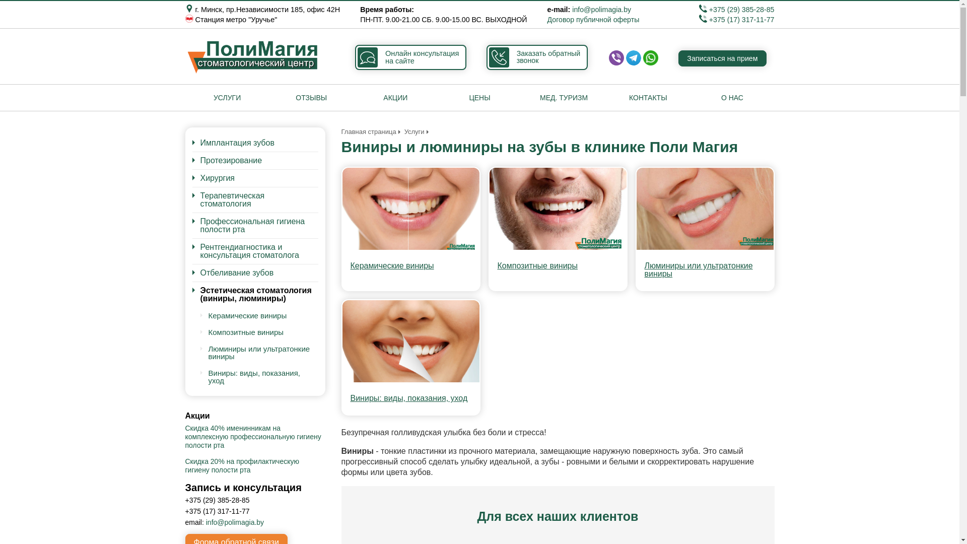 This screenshot has width=967, height=544. I want to click on 'info@polimagia.by', so click(234, 522).